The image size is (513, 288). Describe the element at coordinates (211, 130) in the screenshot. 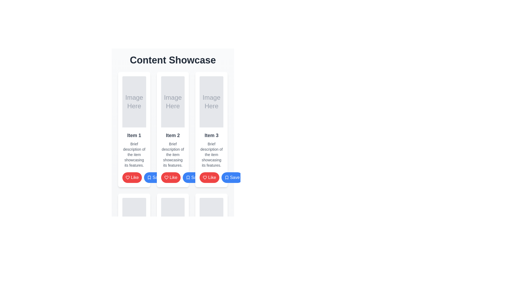

I see `the Card Display in the third column of the 'Content Showcase' section` at that location.